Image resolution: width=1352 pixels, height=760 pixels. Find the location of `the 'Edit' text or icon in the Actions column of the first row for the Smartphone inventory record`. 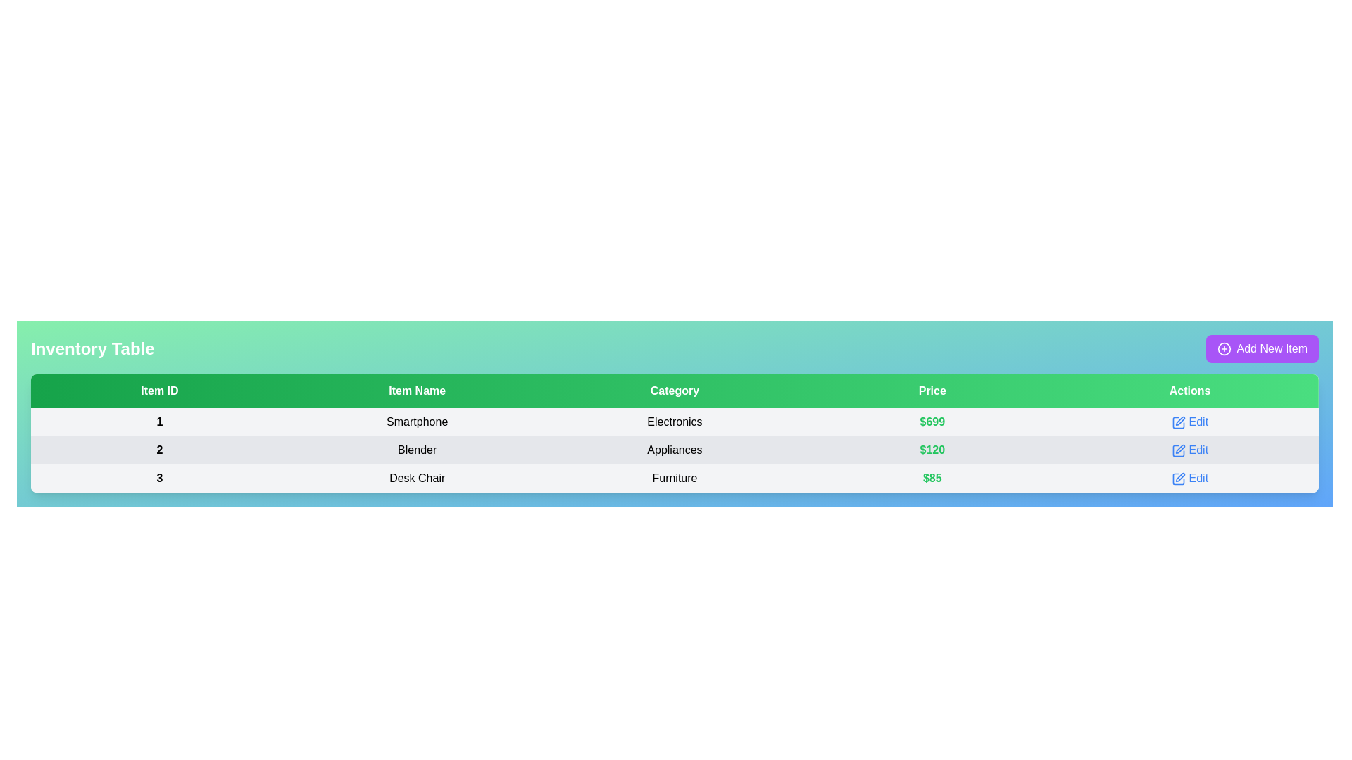

the 'Edit' text or icon in the Actions column of the first row for the Smartphone inventory record is located at coordinates (1189, 422).